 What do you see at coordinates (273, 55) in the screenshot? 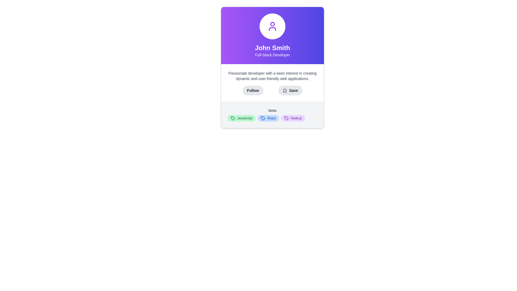
I see `the static text label 'Full-Stack Developer' which provides context to the user's profile named 'John Smith'` at bounding box center [273, 55].